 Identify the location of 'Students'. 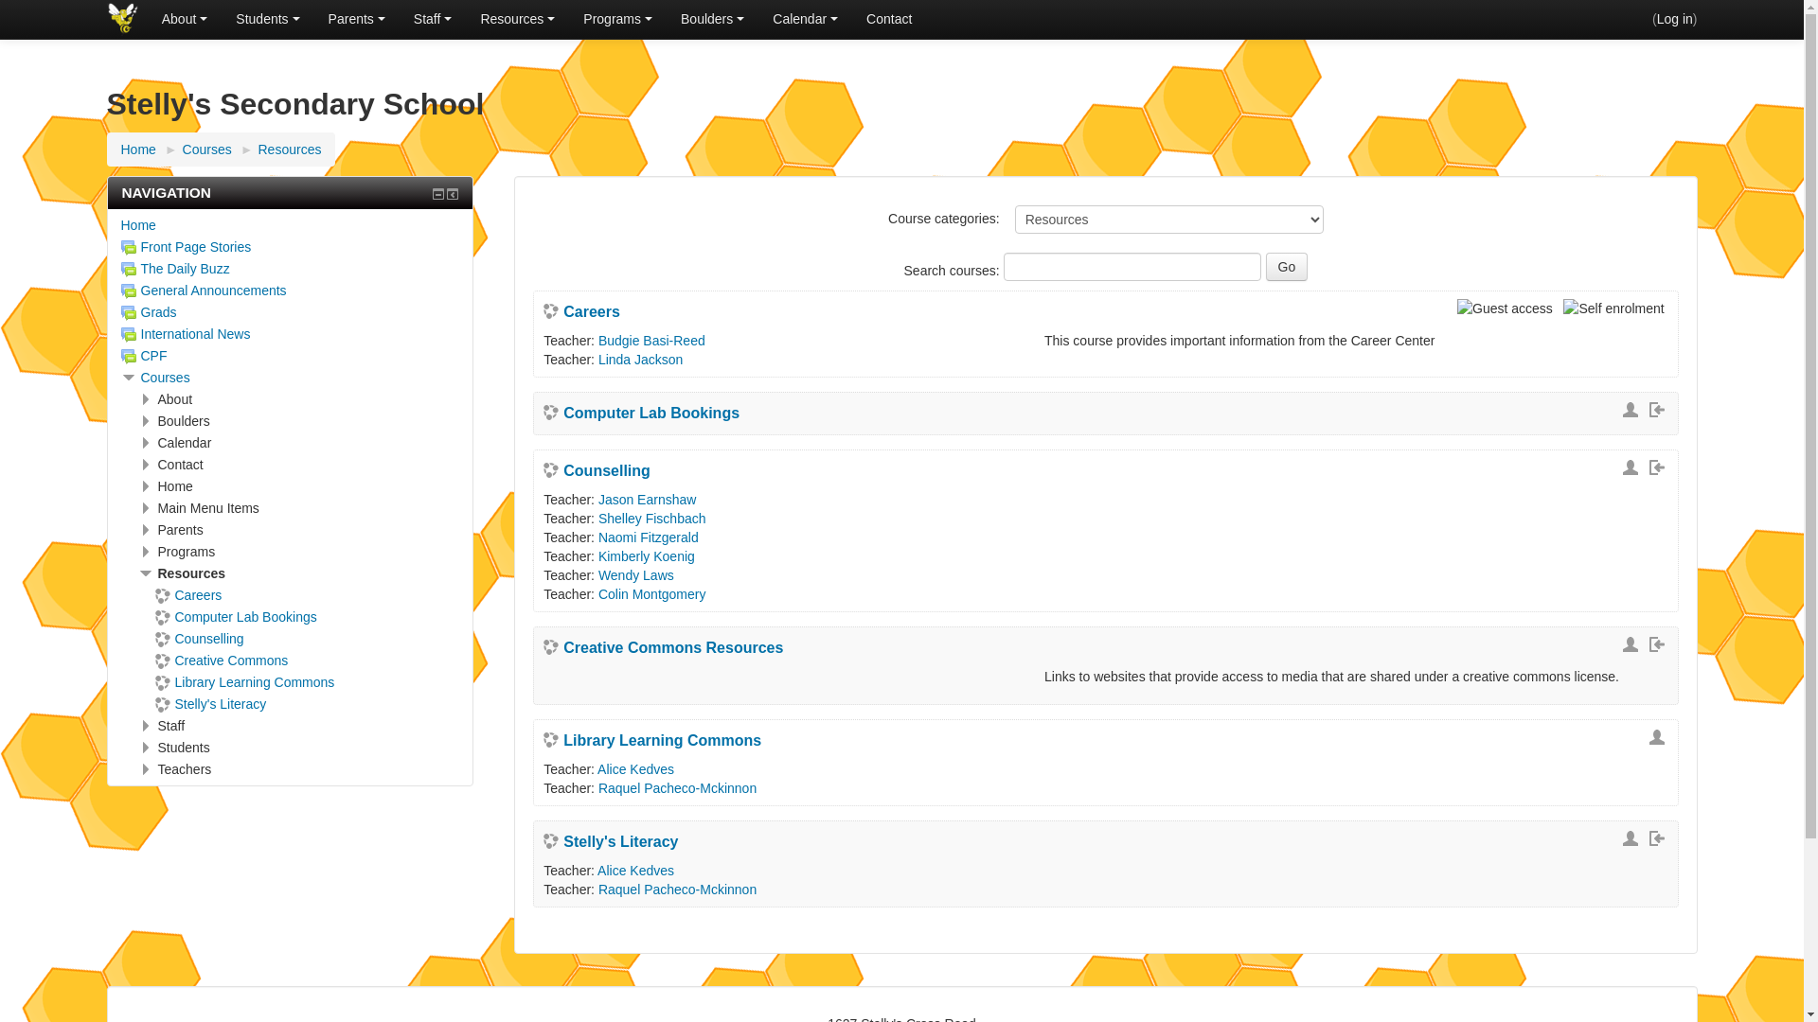
(222, 18).